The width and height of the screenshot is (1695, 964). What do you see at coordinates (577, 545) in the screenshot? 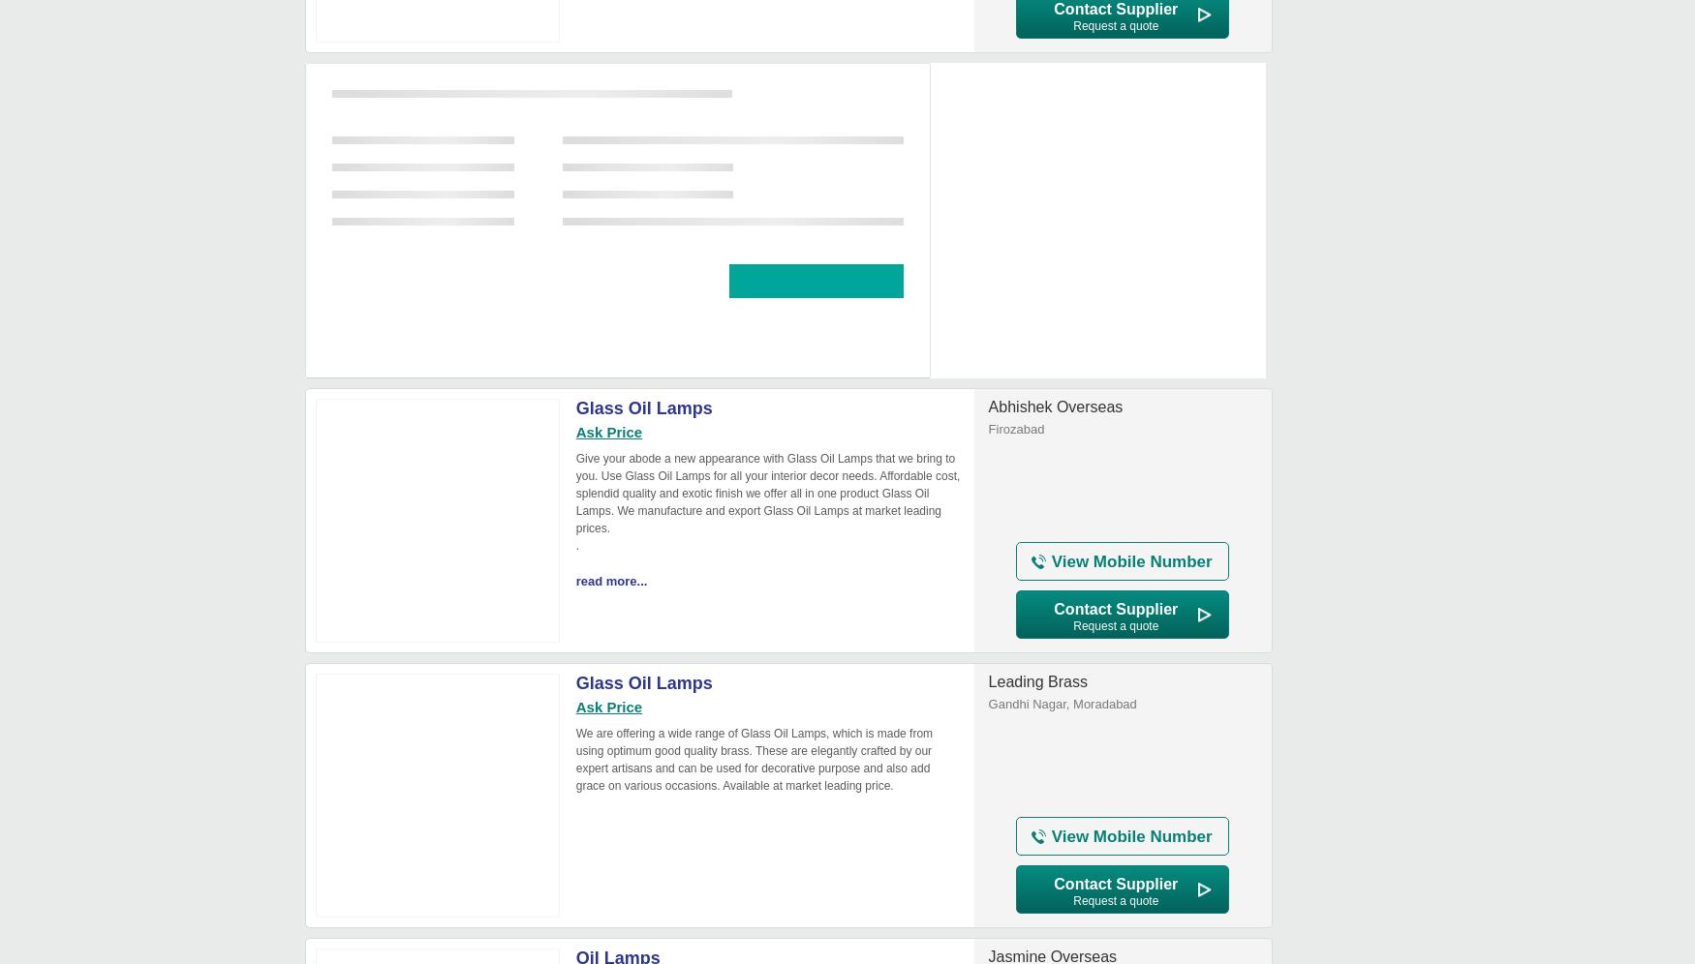
I see `'.'` at bounding box center [577, 545].